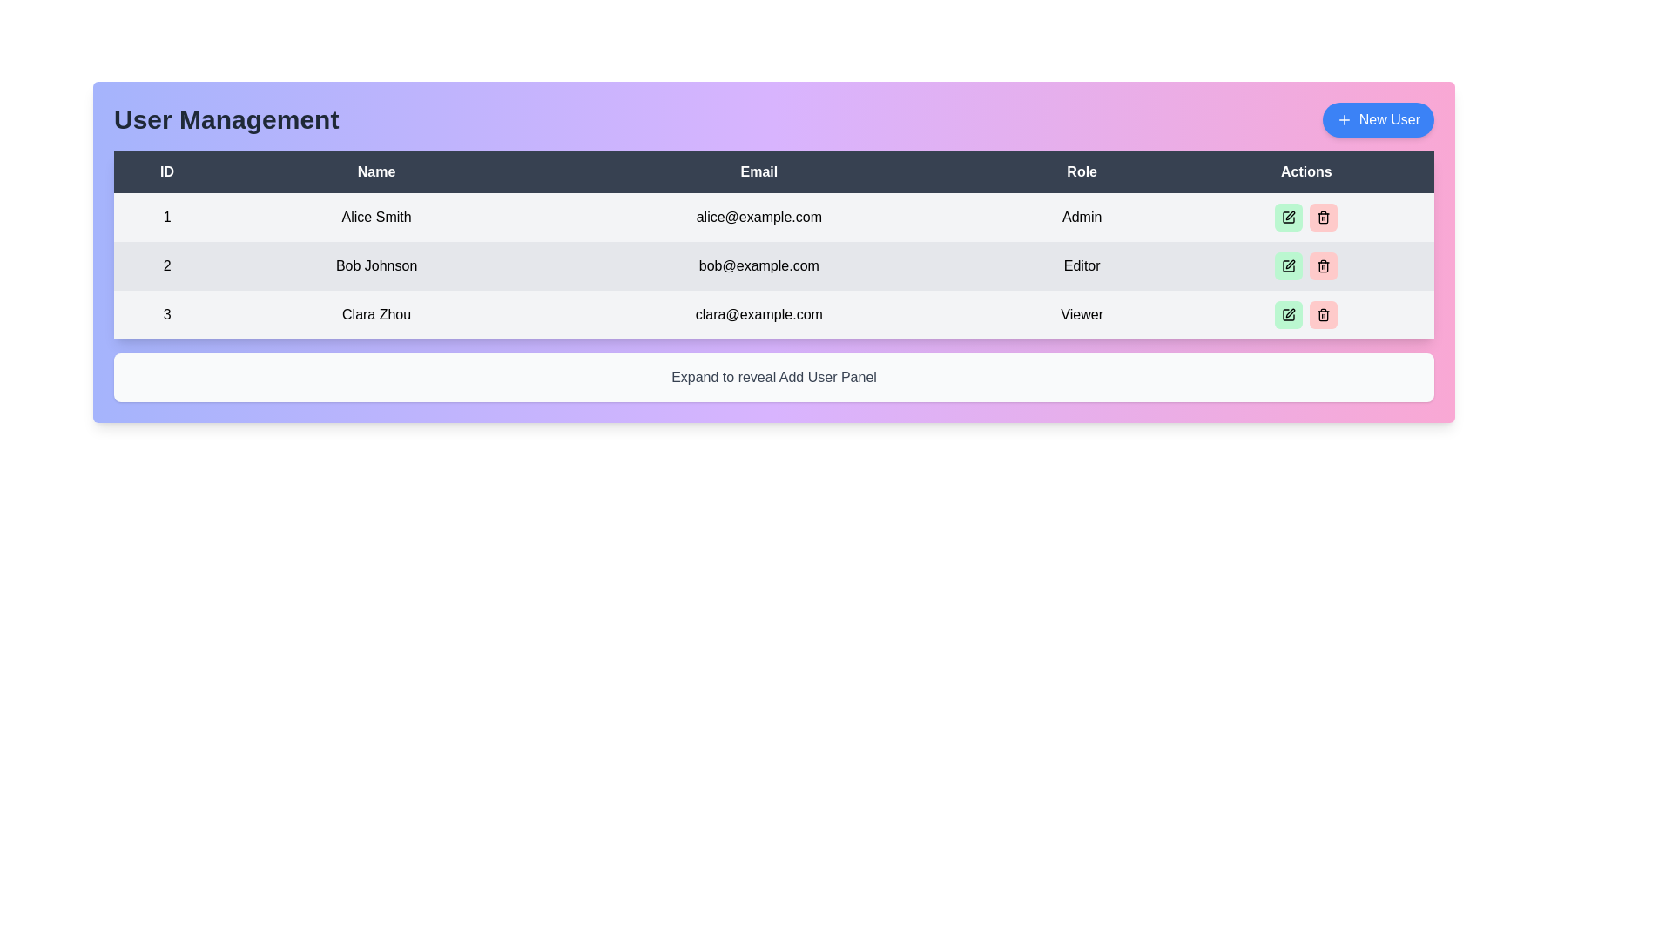 This screenshot has width=1672, height=940. I want to click on the Text Display element indicating the role 'Editor' for user 'Bob Johnson' in the third column of the table with ID '2', so click(1081, 265).